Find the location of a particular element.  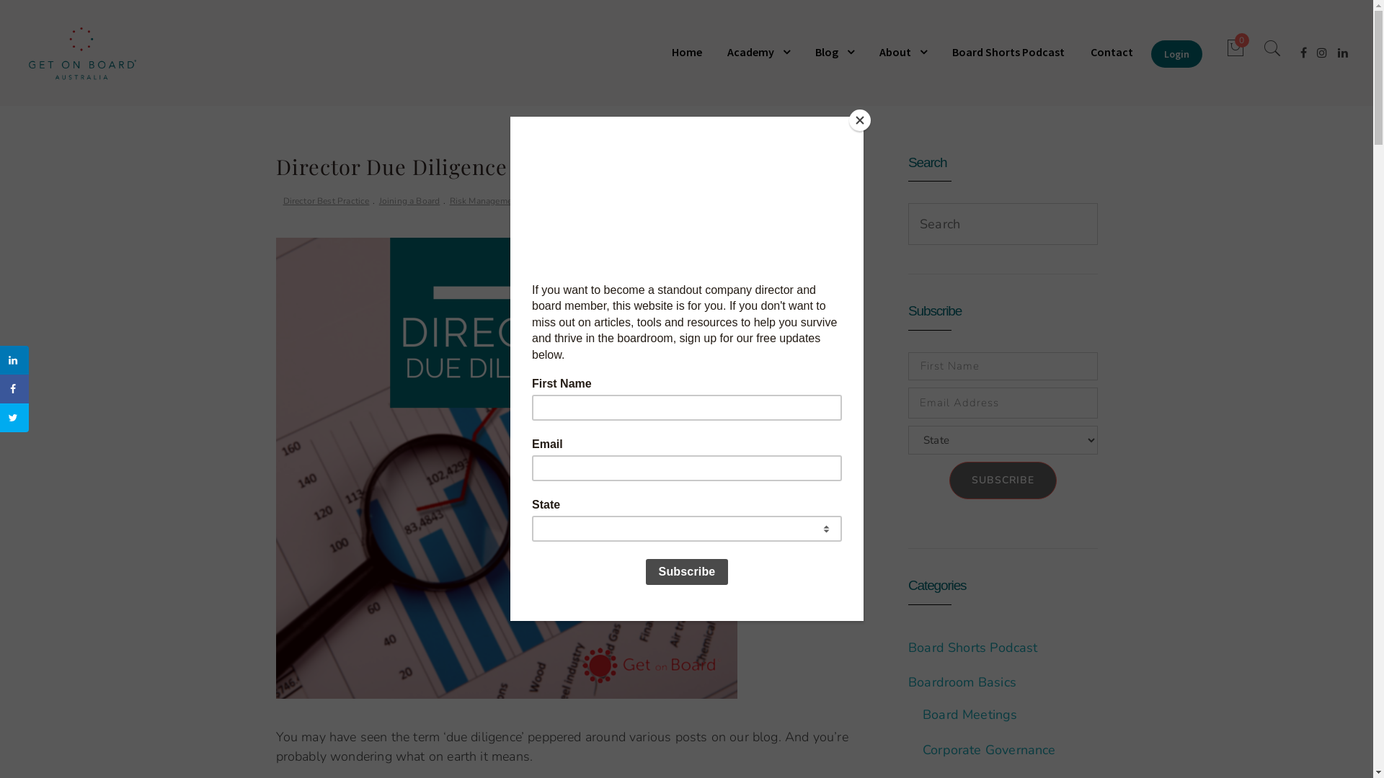

'Director Best Practice' is located at coordinates (283, 202).